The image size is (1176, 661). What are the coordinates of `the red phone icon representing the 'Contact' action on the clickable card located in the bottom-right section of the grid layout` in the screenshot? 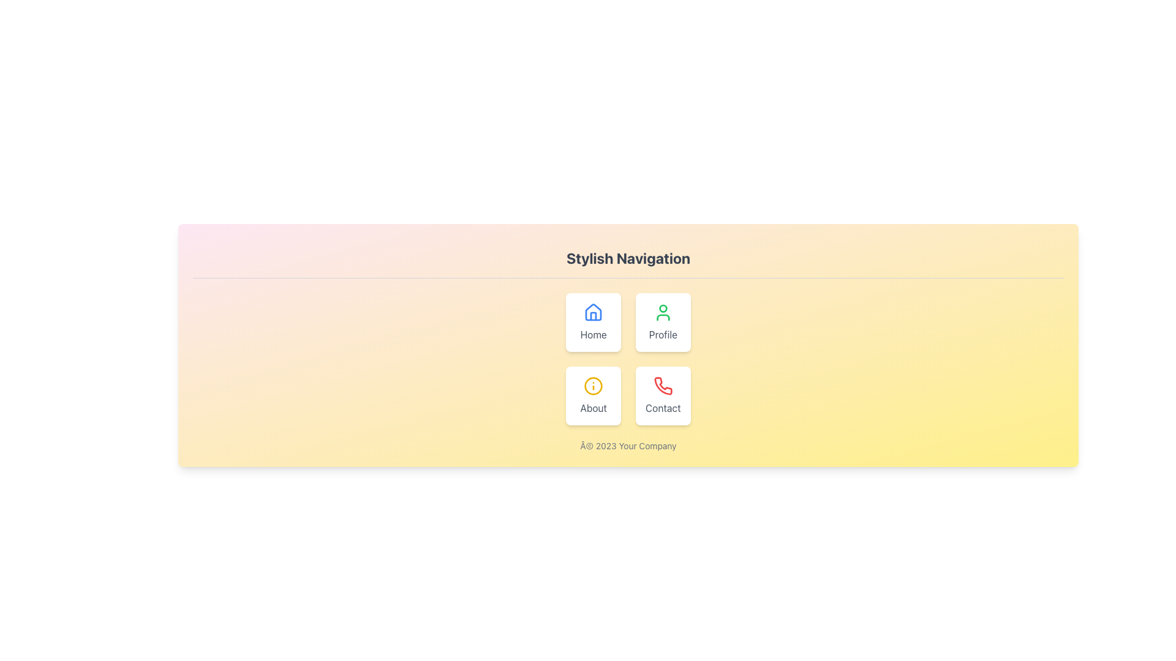 It's located at (662, 386).